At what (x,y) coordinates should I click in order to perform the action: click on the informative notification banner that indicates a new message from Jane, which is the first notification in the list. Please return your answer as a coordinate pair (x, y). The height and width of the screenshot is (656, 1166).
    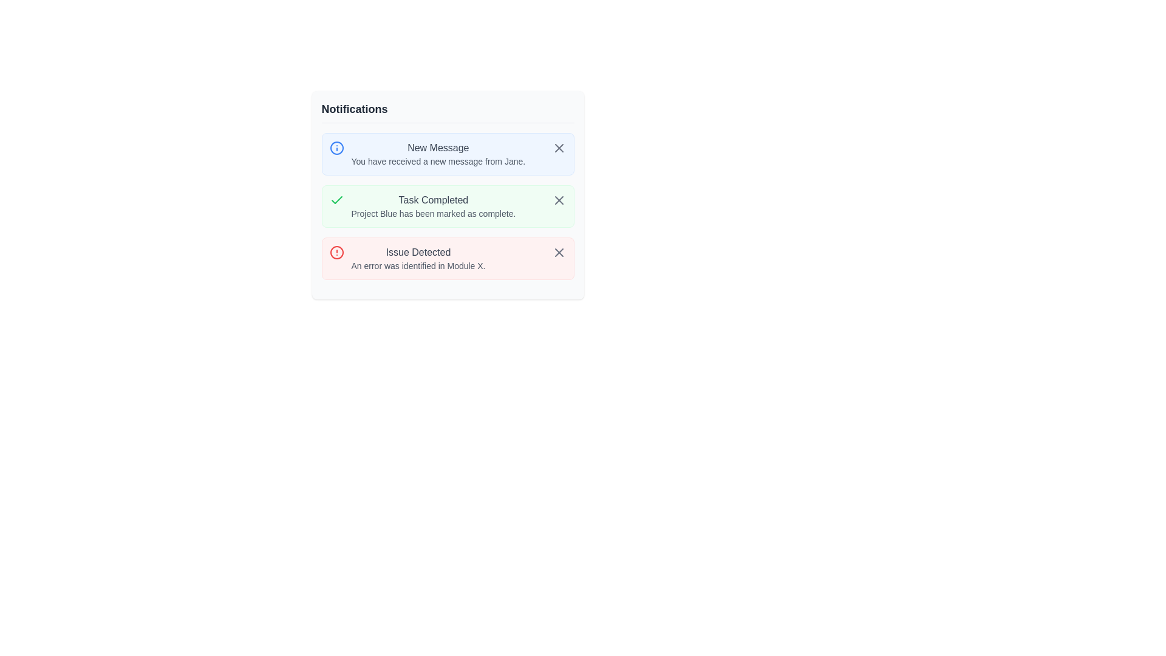
    Looking at the image, I should click on (437, 154).